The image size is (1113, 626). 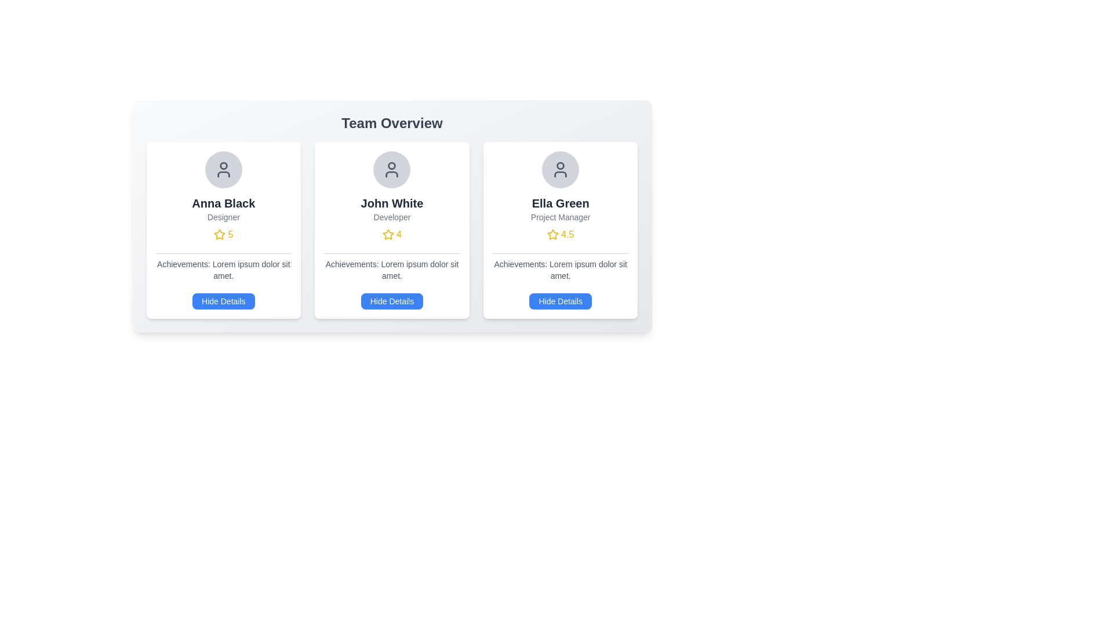 I want to click on the Card component displaying a user's profile information, which is the second item in a grid under 'Team Overview', so click(x=392, y=230).